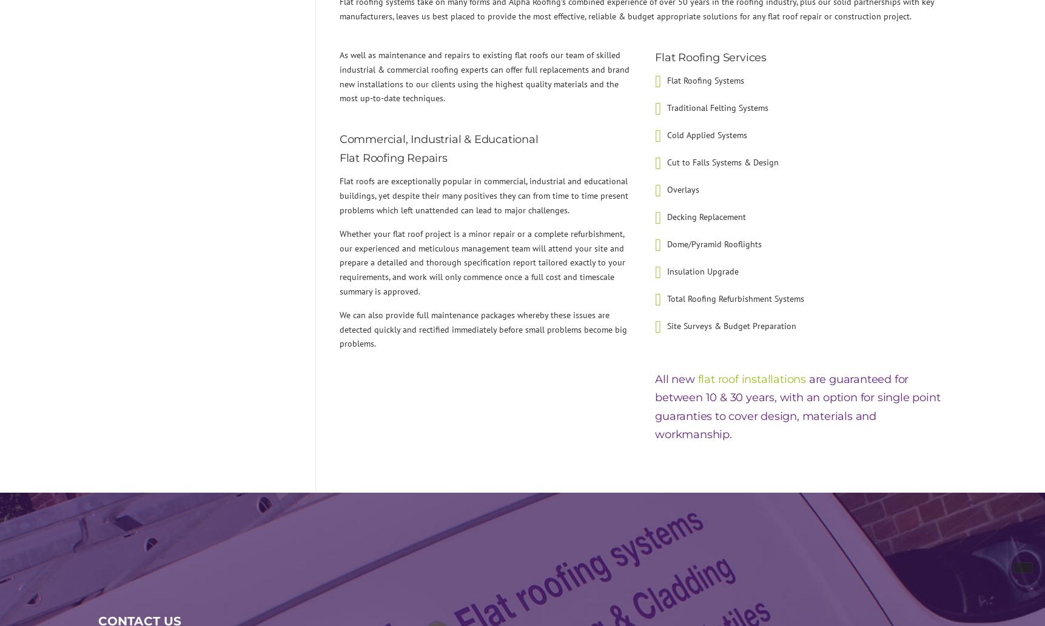  What do you see at coordinates (735, 298) in the screenshot?
I see `'Total Roofing Refurbishment Systems'` at bounding box center [735, 298].